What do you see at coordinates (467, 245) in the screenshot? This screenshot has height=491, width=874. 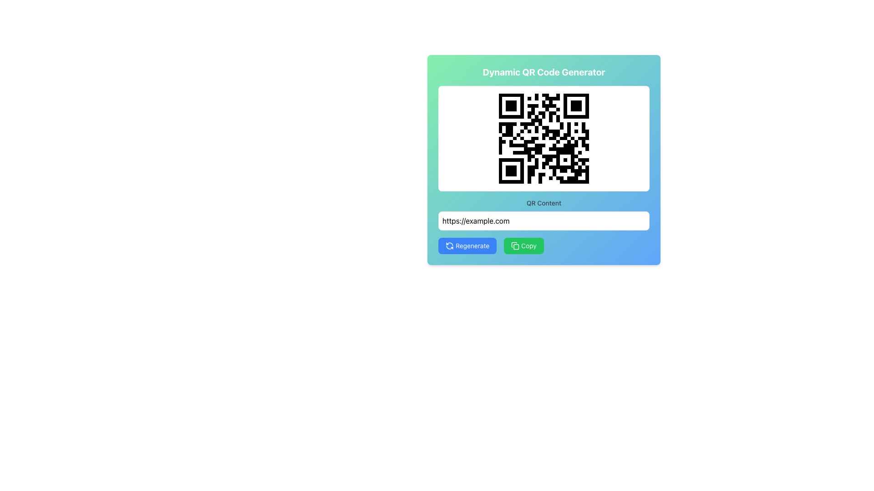 I see `the 'Regenerate' button with a blue background and white text` at bounding box center [467, 245].